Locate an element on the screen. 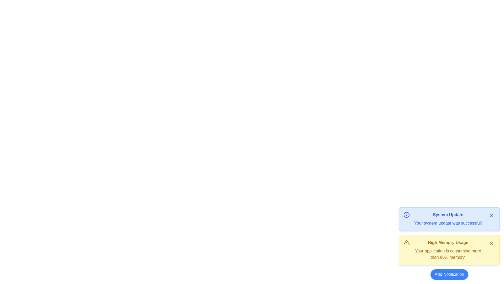  text label stating 'Your system update was successful!' located within the blue notification card below the heading 'System Update' is located at coordinates (448, 223).